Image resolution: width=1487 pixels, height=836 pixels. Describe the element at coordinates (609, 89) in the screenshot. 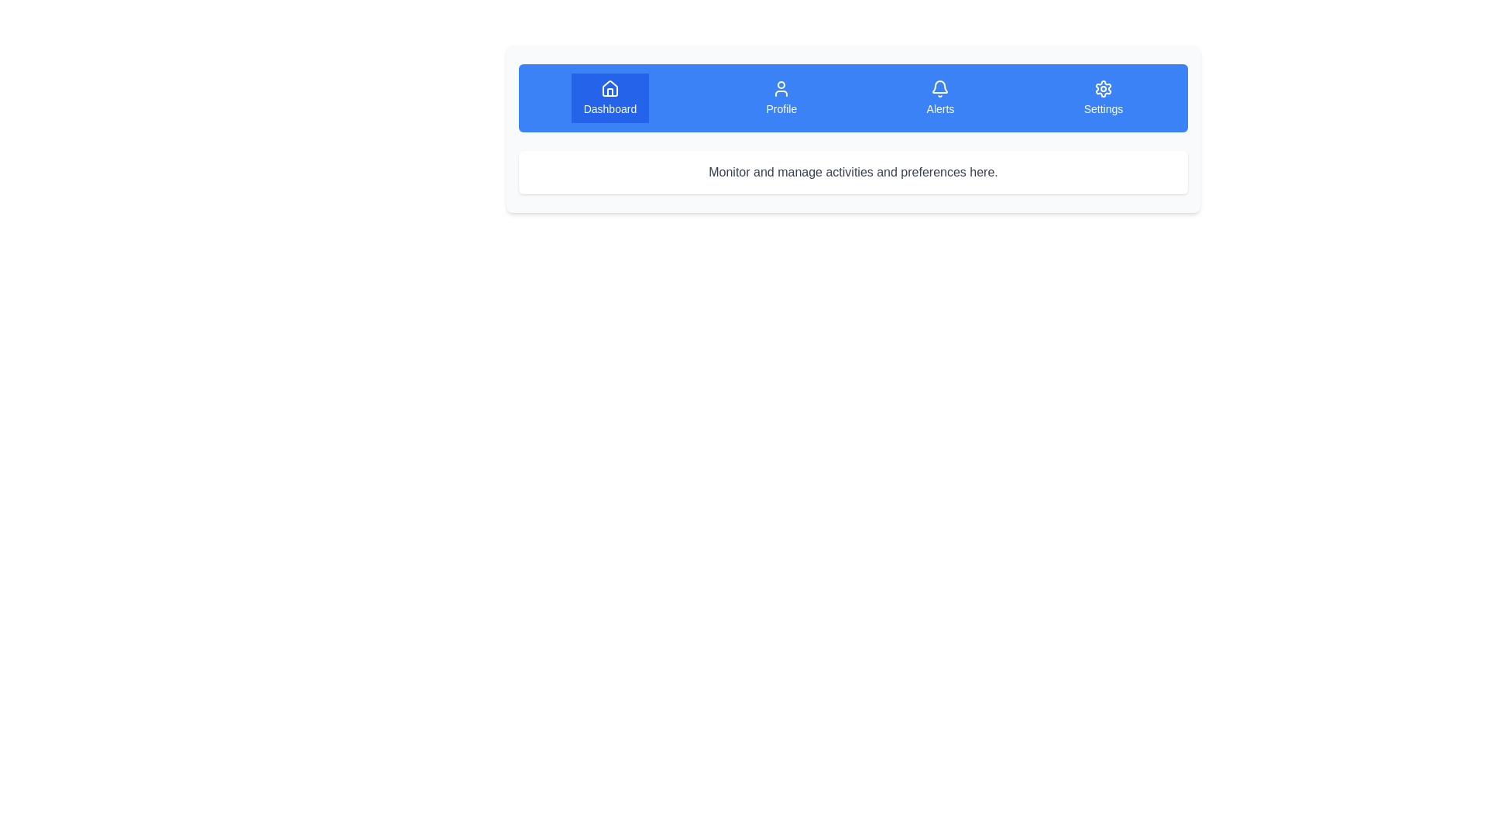

I see `the house icon located at the top-left corner of the 'Dashboard' button in the navigation bar` at that location.